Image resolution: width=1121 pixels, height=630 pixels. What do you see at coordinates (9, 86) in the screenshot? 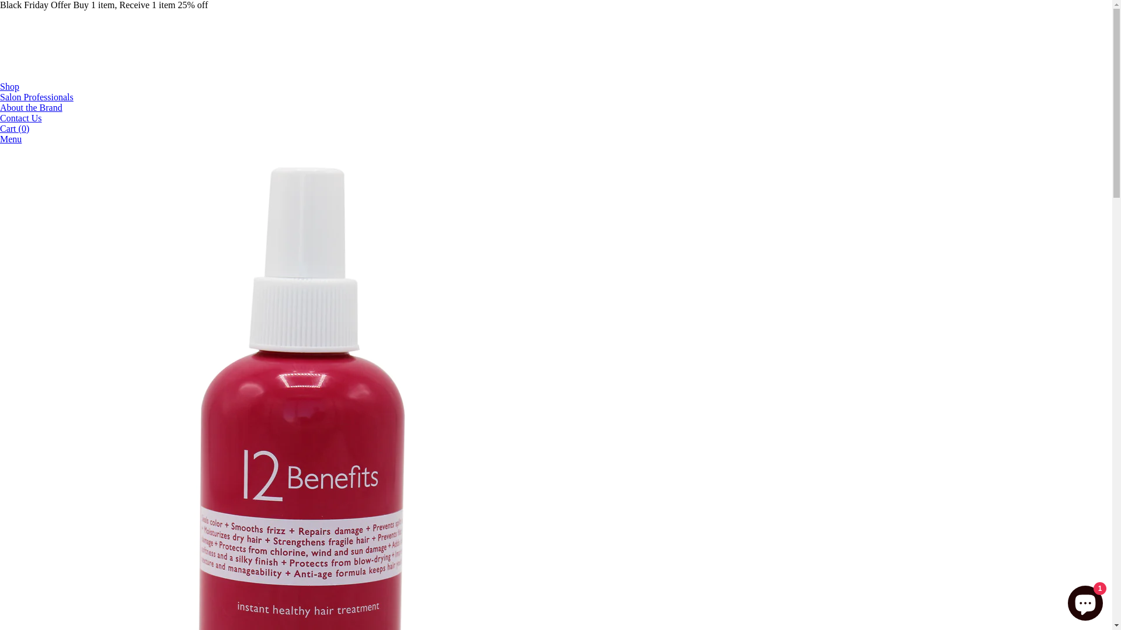
I see `'Shop'` at bounding box center [9, 86].